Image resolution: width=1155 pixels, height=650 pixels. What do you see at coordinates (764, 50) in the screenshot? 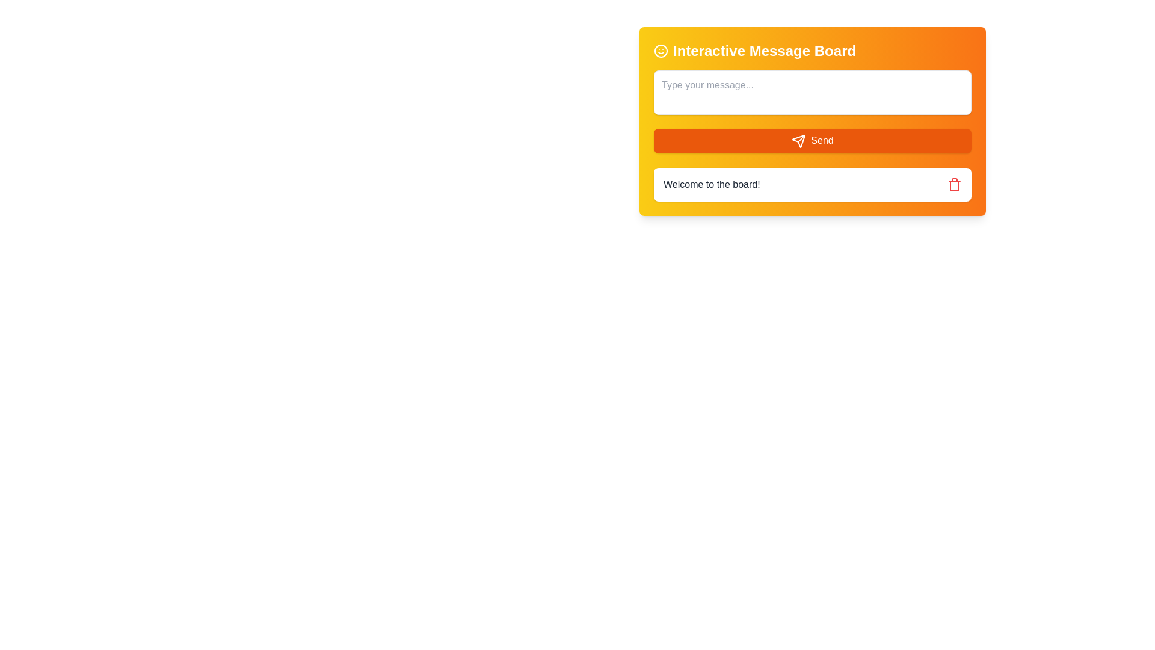
I see `the 'Interactive Message Board' text label, which is styled with a bold, large, white font on an orange gradient background, located in the top-left corner of the header section next to a smiley icon` at bounding box center [764, 50].